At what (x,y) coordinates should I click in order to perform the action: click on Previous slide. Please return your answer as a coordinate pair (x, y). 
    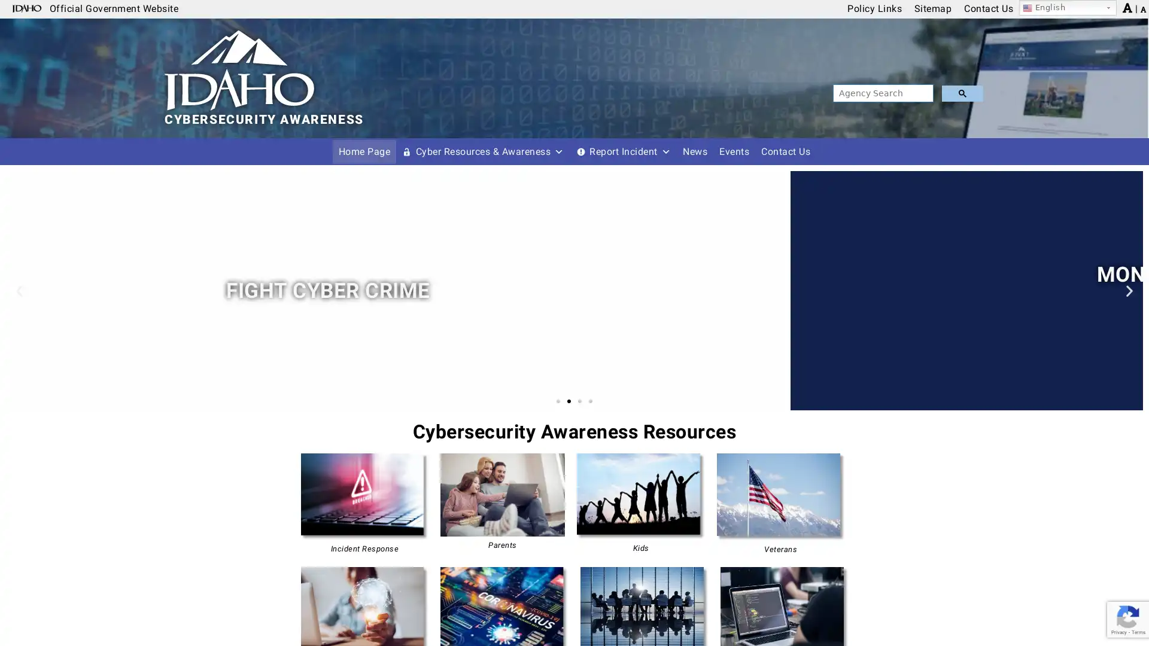
    Looking at the image, I should click on (19, 290).